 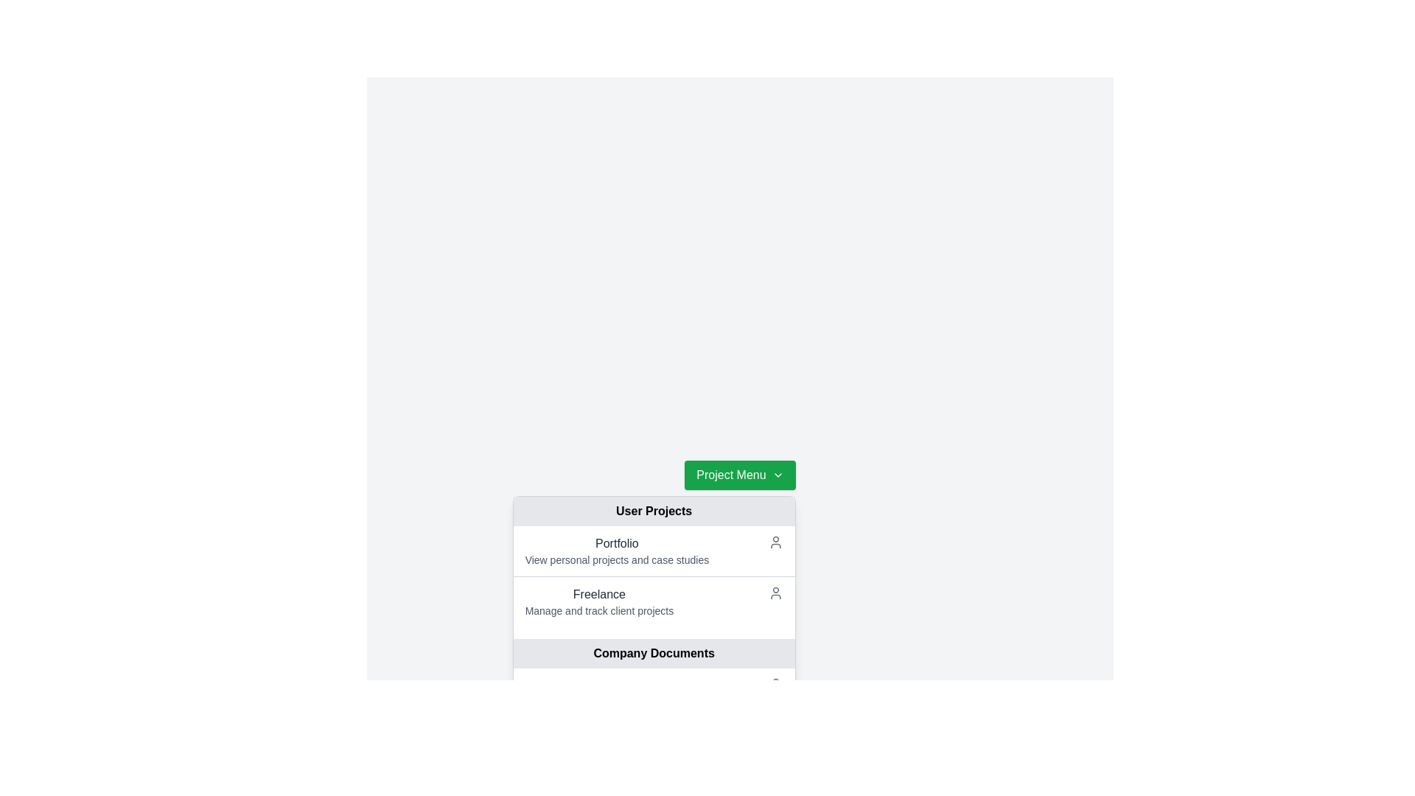 I want to click on the 'Project Menu' button, which is a rectangular button with a green background and white text, so click(x=740, y=475).